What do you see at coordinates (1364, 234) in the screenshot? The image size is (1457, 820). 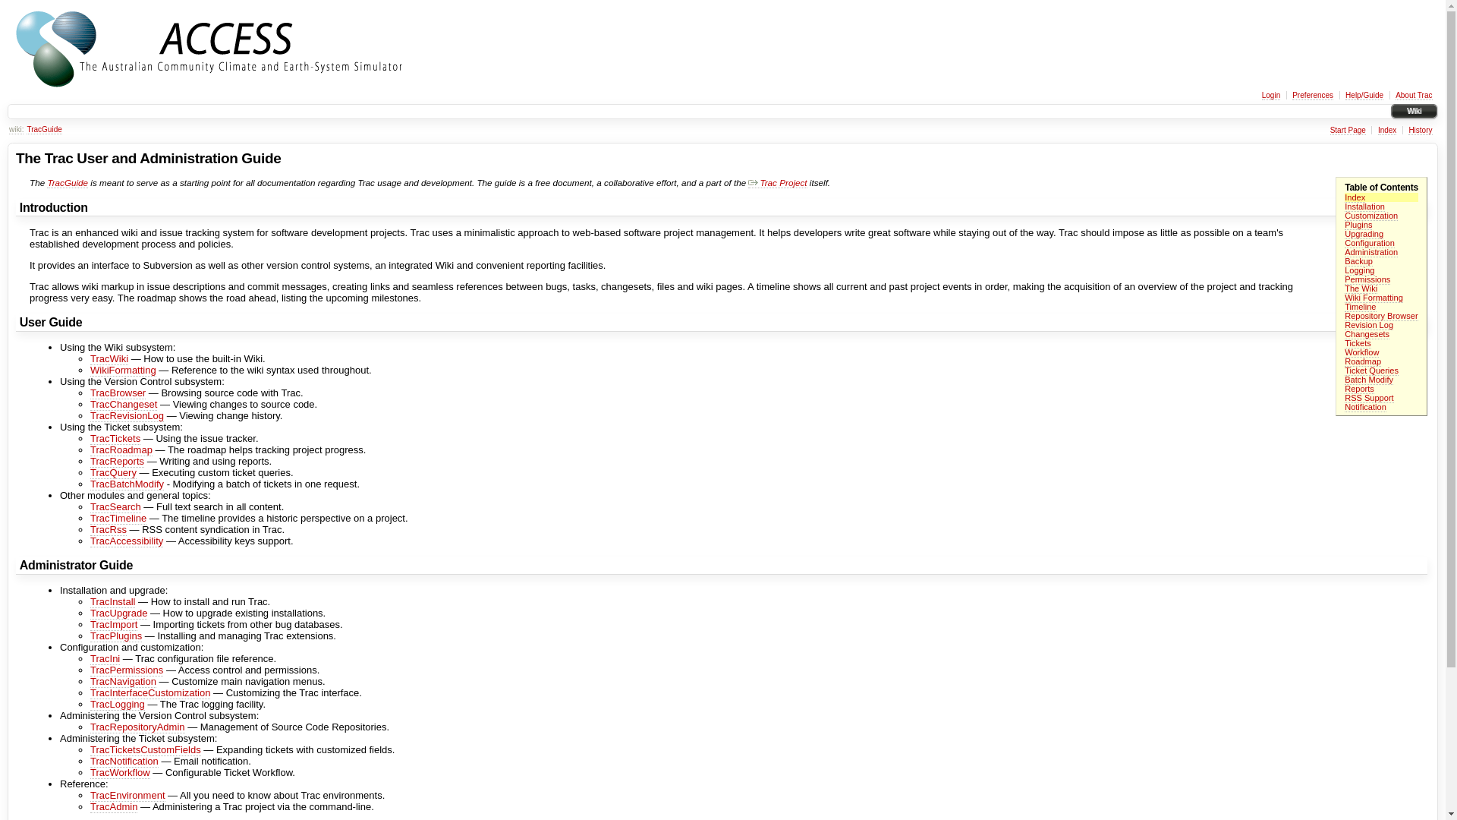 I see `'Upgrading'` at bounding box center [1364, 234].